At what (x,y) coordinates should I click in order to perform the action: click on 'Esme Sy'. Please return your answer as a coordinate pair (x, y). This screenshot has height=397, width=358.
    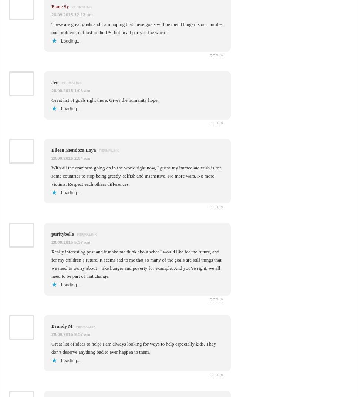
    Looking at the image, I should click on (60, 6).